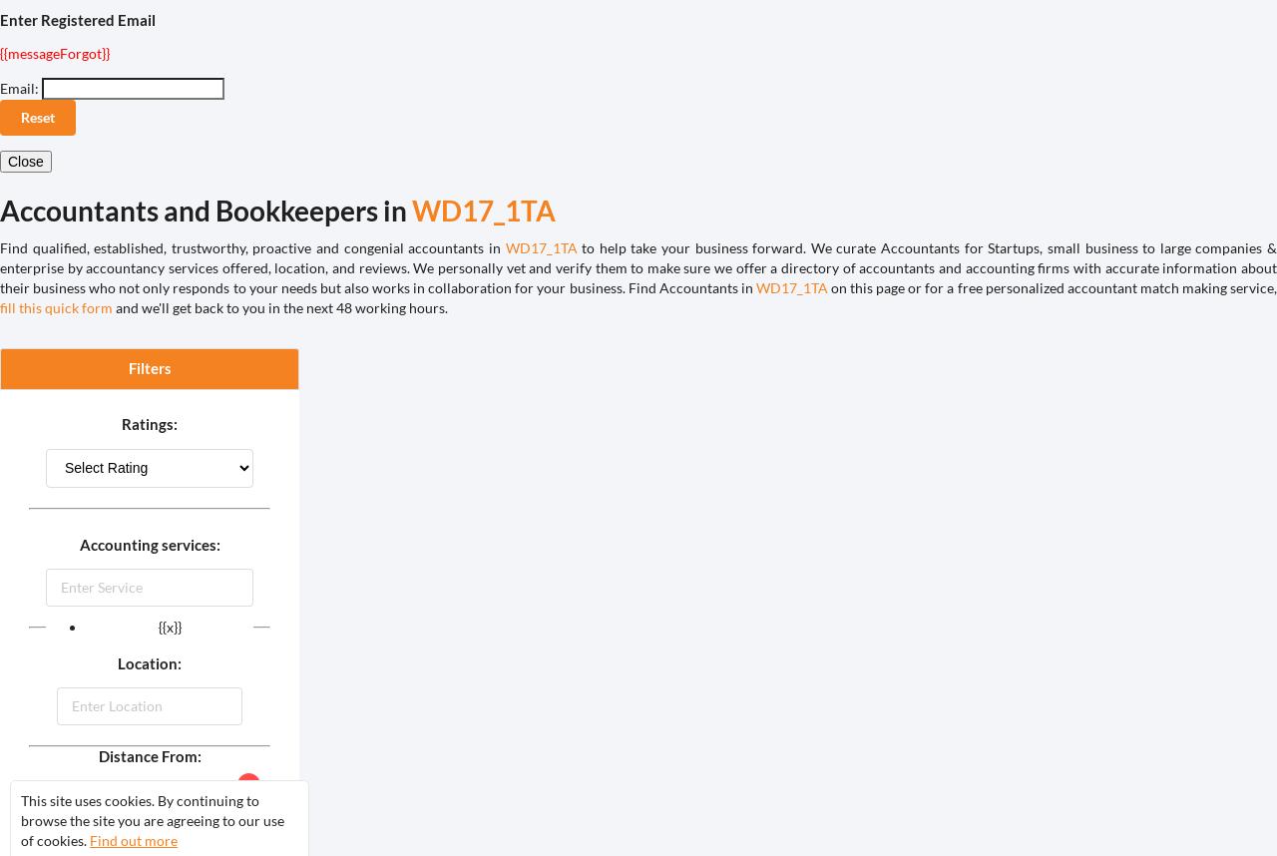 This screenshot has width=1277, height=856. Describe the element at coordinates (19, 88) in the screenshot. I see `'Email:'` at that location.